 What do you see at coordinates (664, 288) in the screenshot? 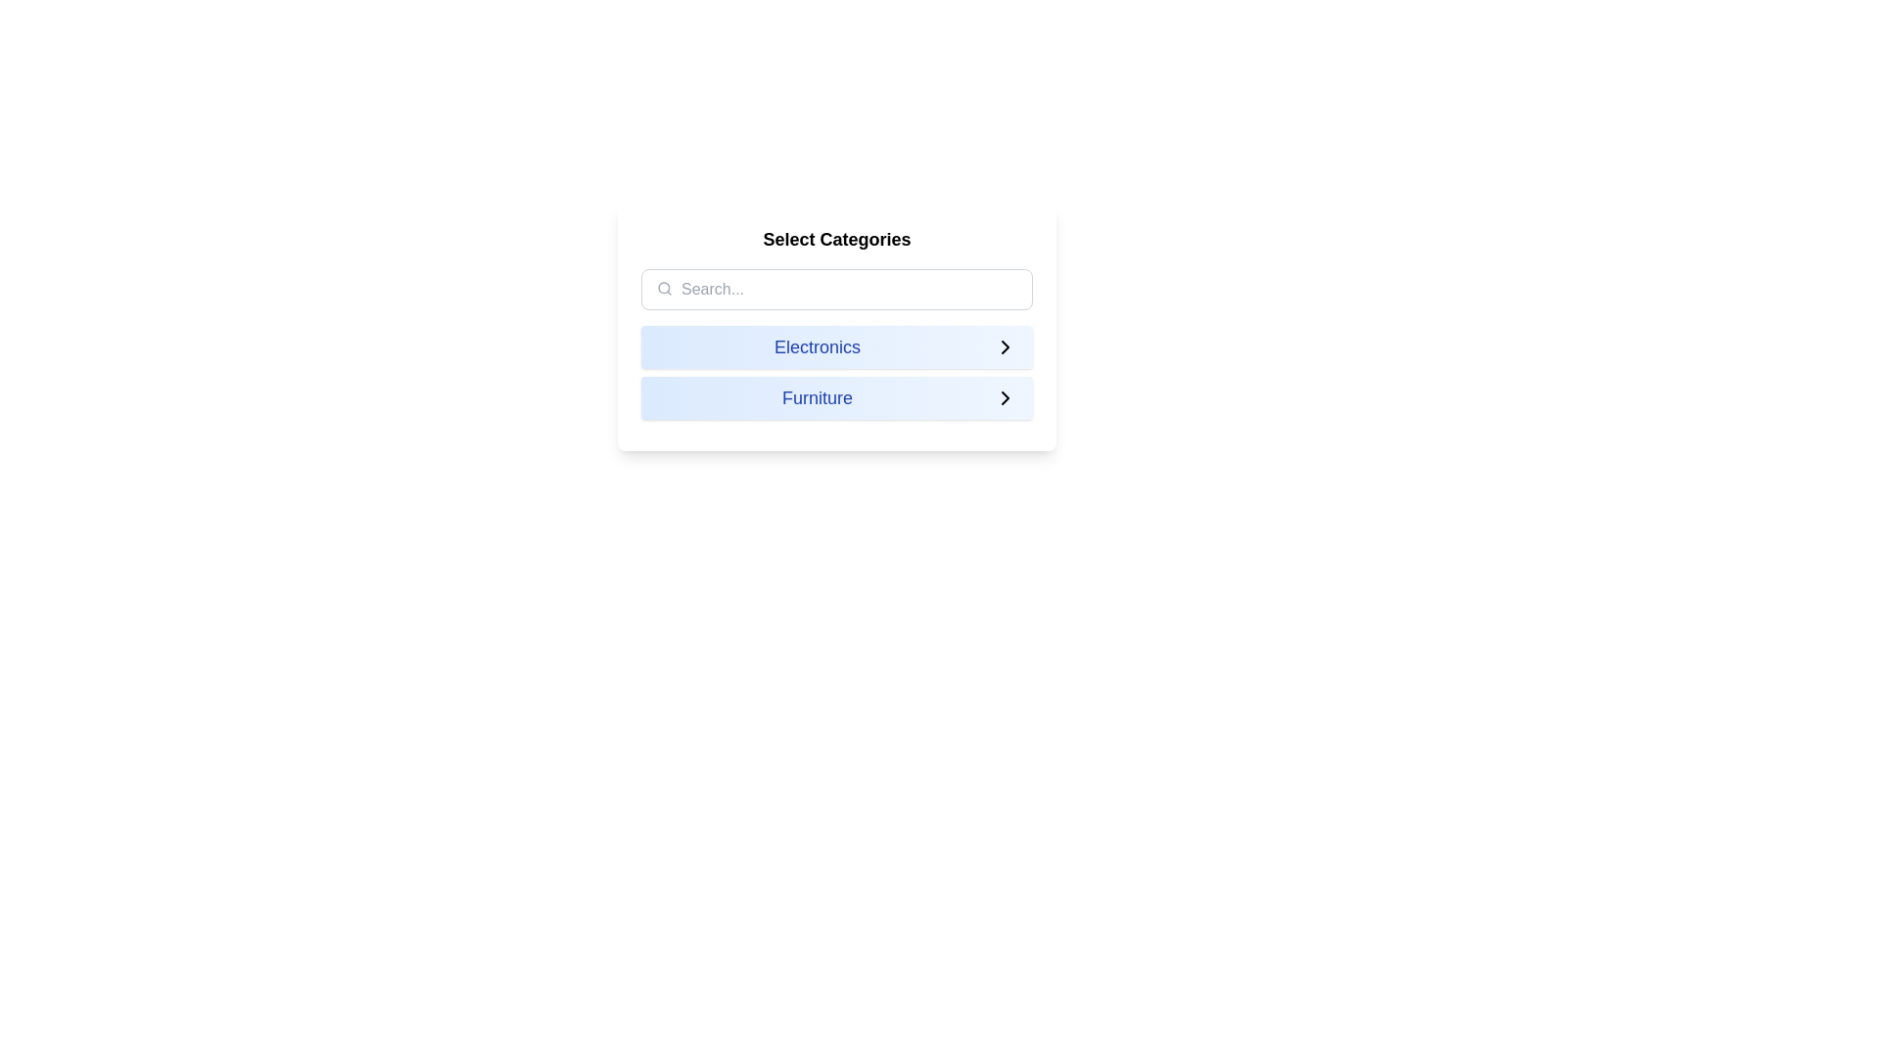
I see `the circular graphical element that is part of the search icon located at the top-left corner of the search input field` at bounding box center [664, 288].